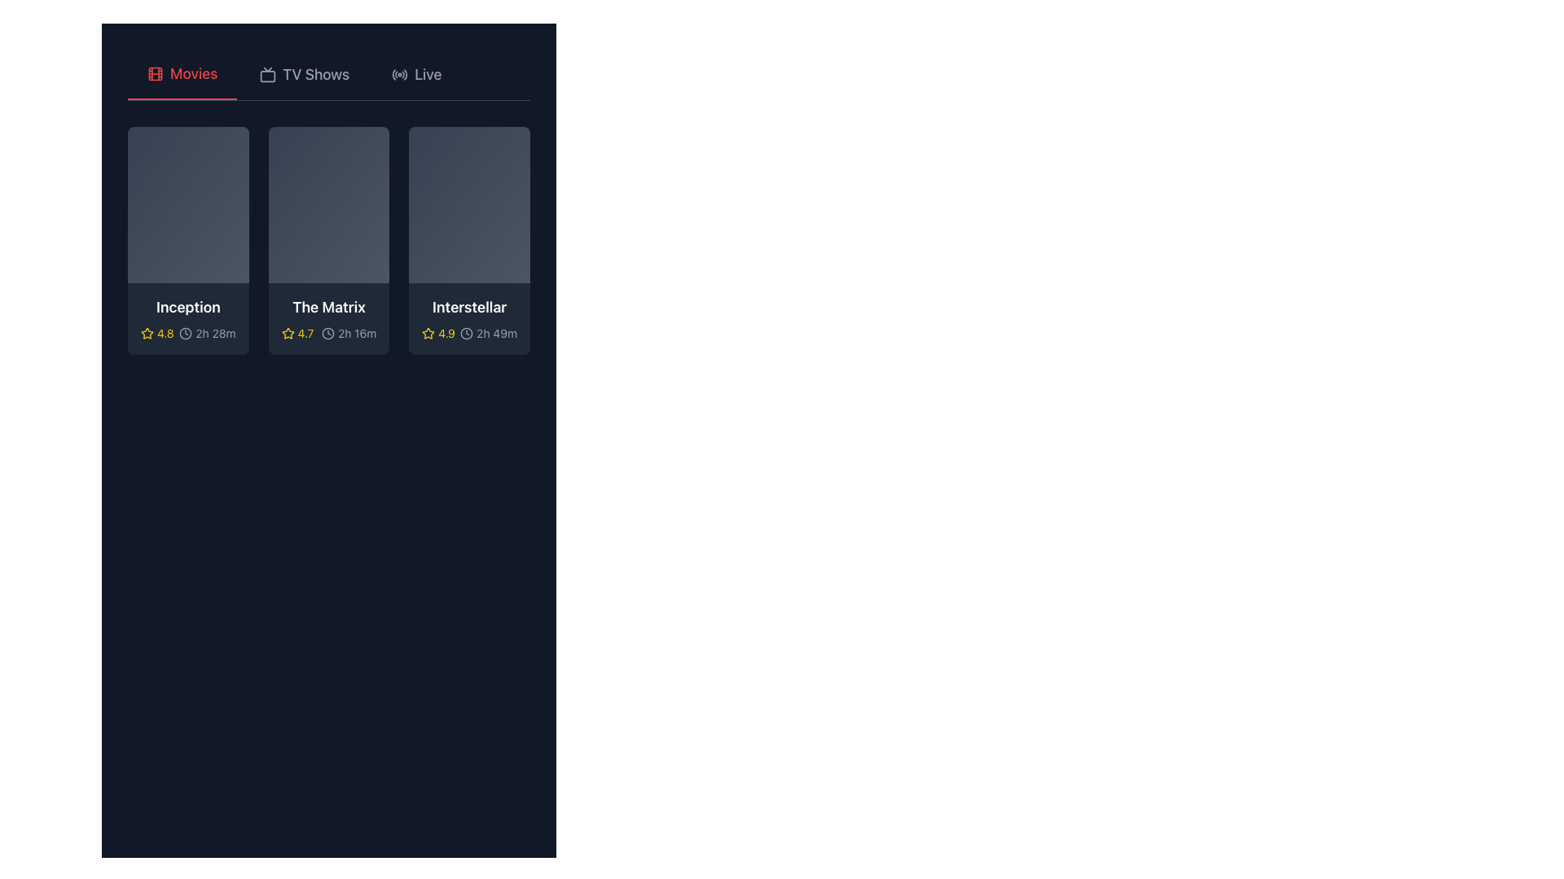 The height and width of the screenshot is (879, 1564). What do you see at coordinates (348, 332) in the screenshot?
I see `label displaying the runtime of the movie 'The Matrix,' which is located below its title and beside a clock icon` at bounding box center [348, 332].